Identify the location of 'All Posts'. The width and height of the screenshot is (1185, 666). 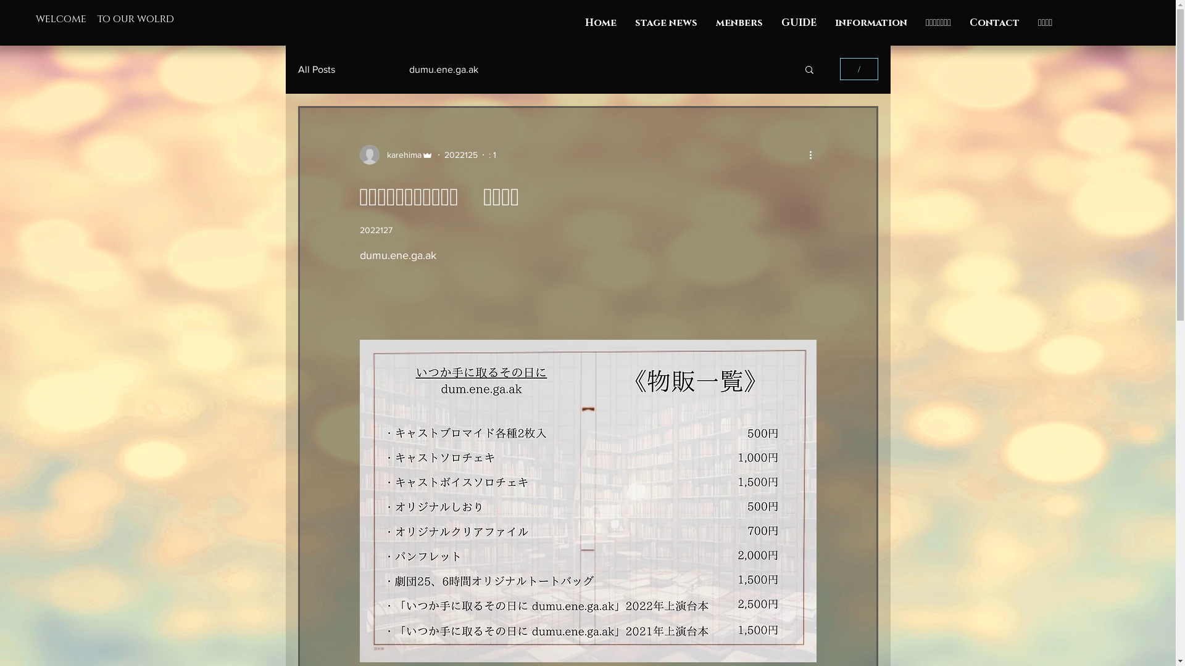
(316, 69).